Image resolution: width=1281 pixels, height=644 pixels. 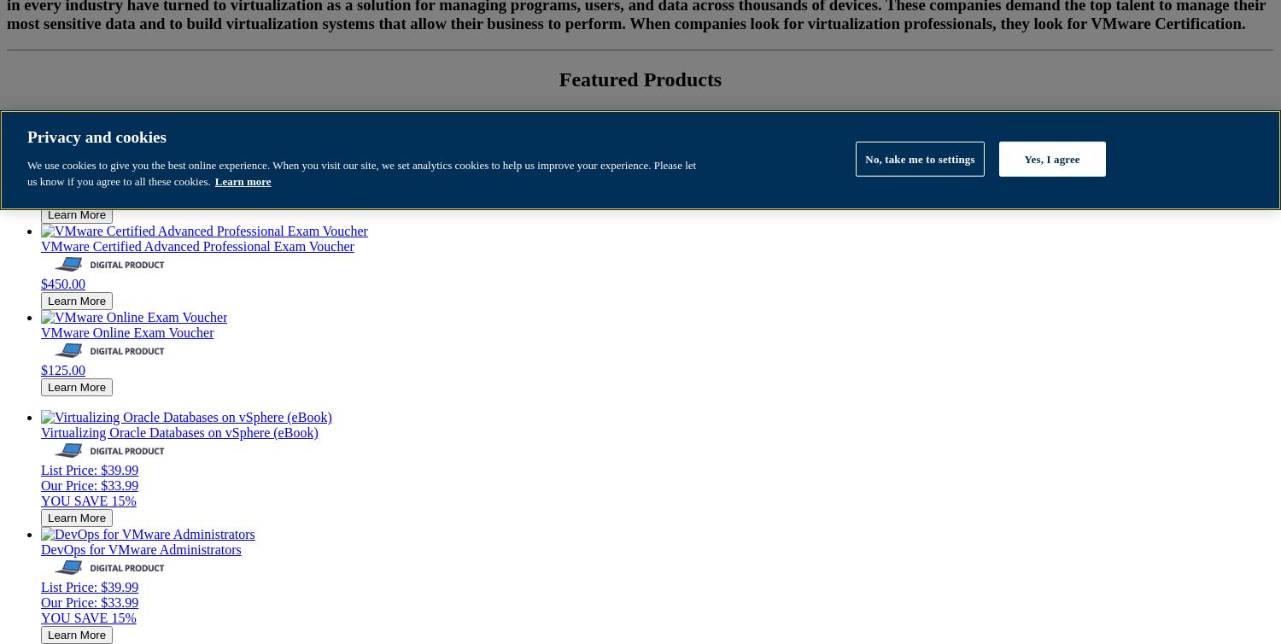 I want to click on 'Featured Products', so click(x=559, y=79).